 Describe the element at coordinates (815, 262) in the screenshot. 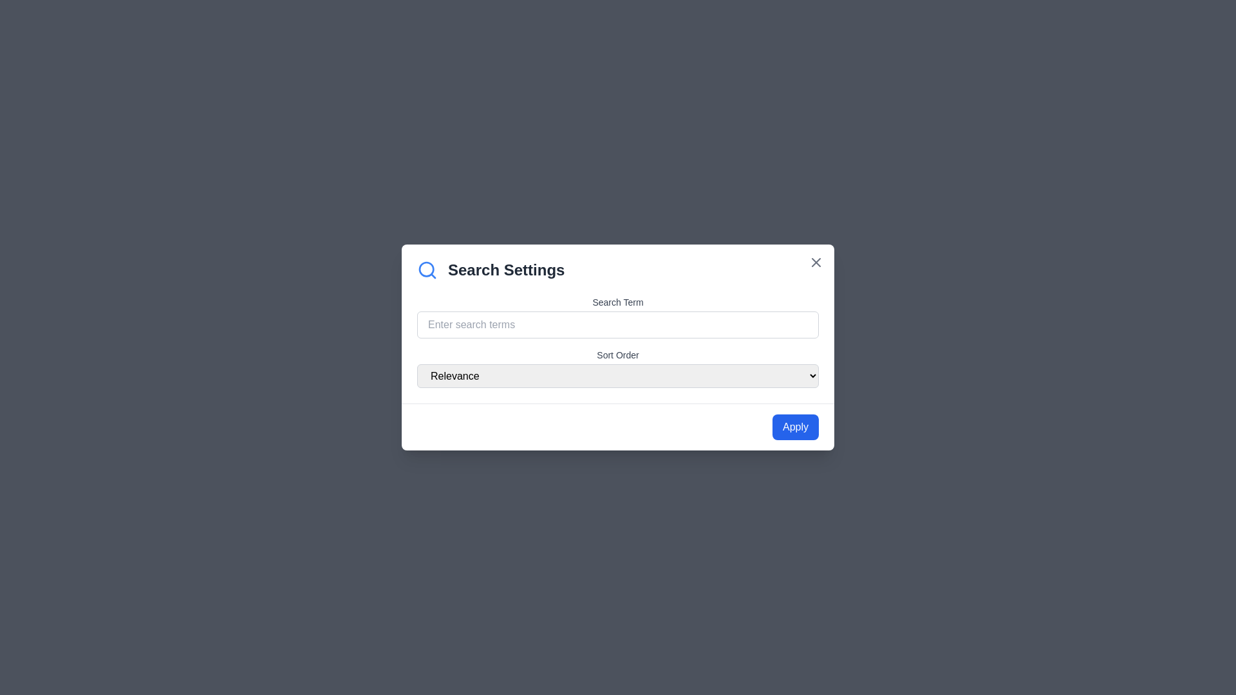

I see `the close icon located at the top-right corner of the modal dialog box` at that location.